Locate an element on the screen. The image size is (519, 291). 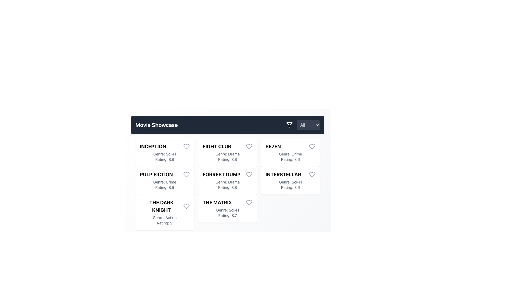
the descriptive metadata text about the movie 'Forrest Gump' located beneath its title and above the heart-shaped icon is located at coordinates (227, 185).